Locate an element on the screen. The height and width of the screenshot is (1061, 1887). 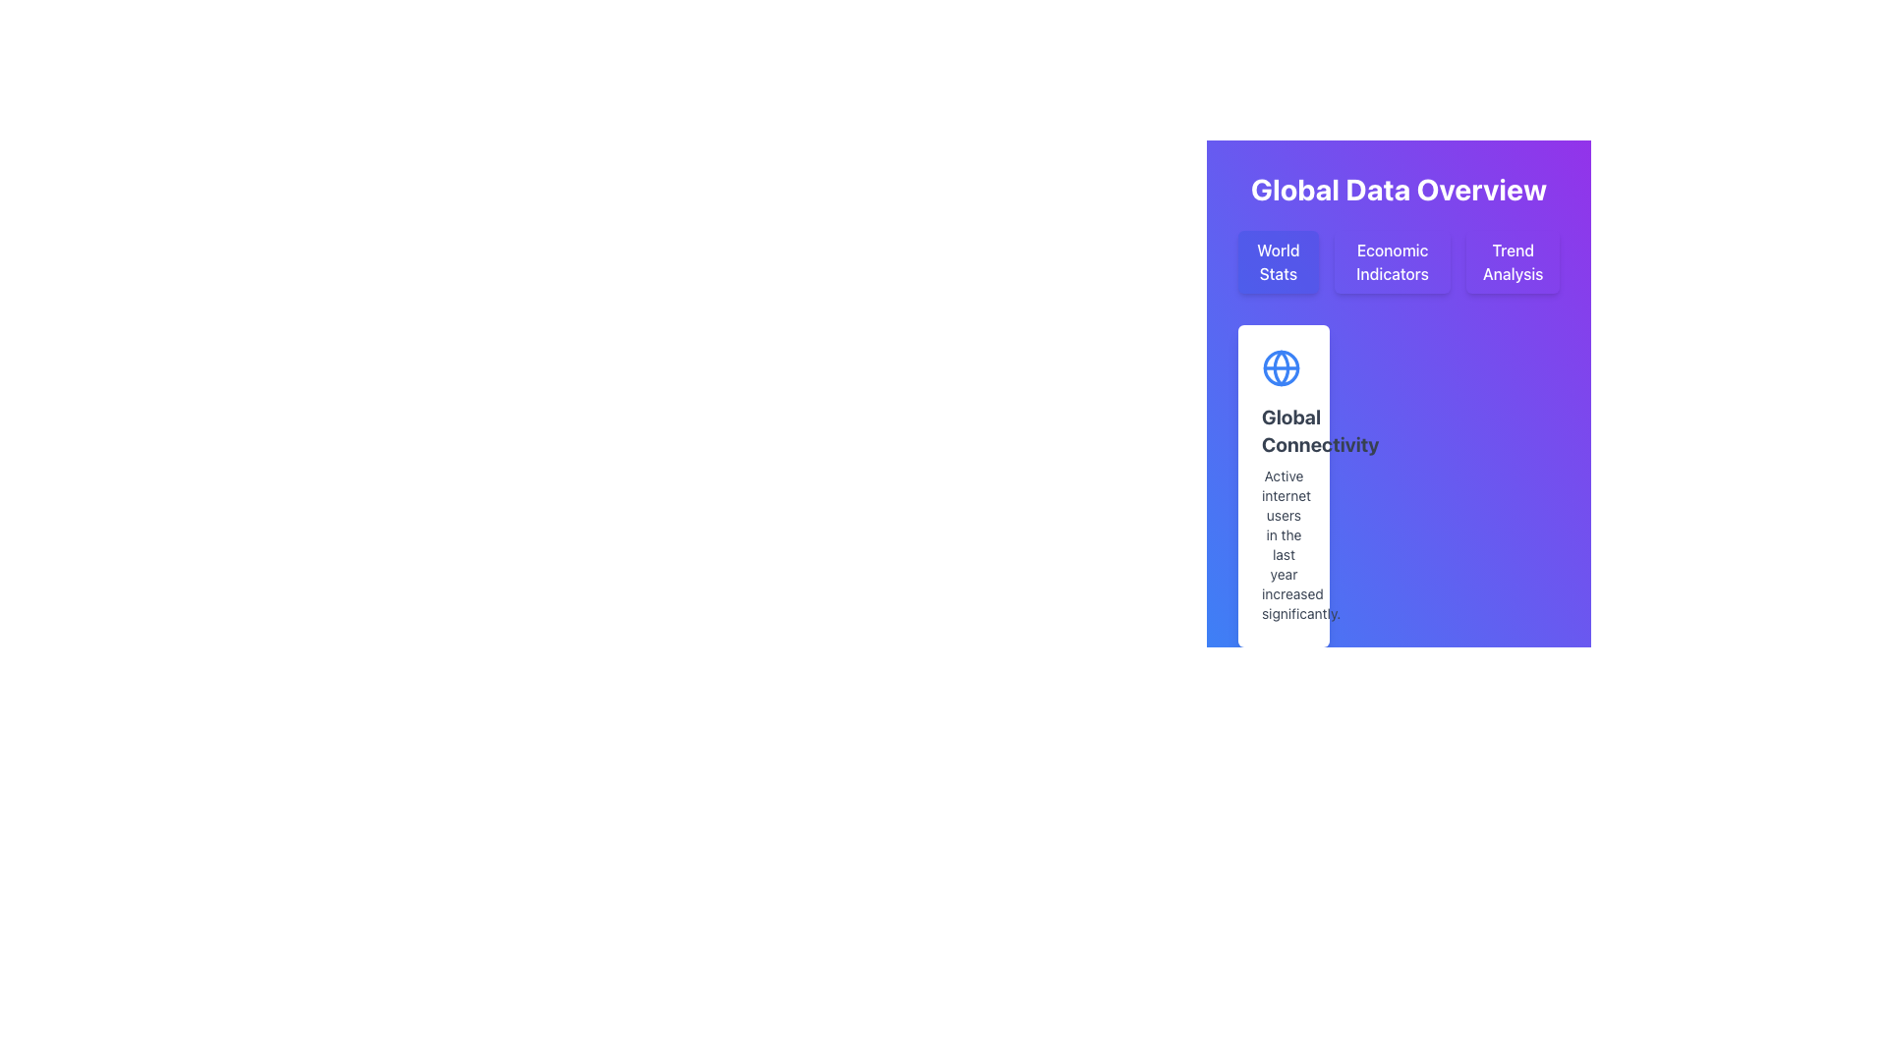
the 'World Stats' button, which is the first option in a horizontal list of three items for navigation to statistics related to the world is located at coordinates (1278, 260).